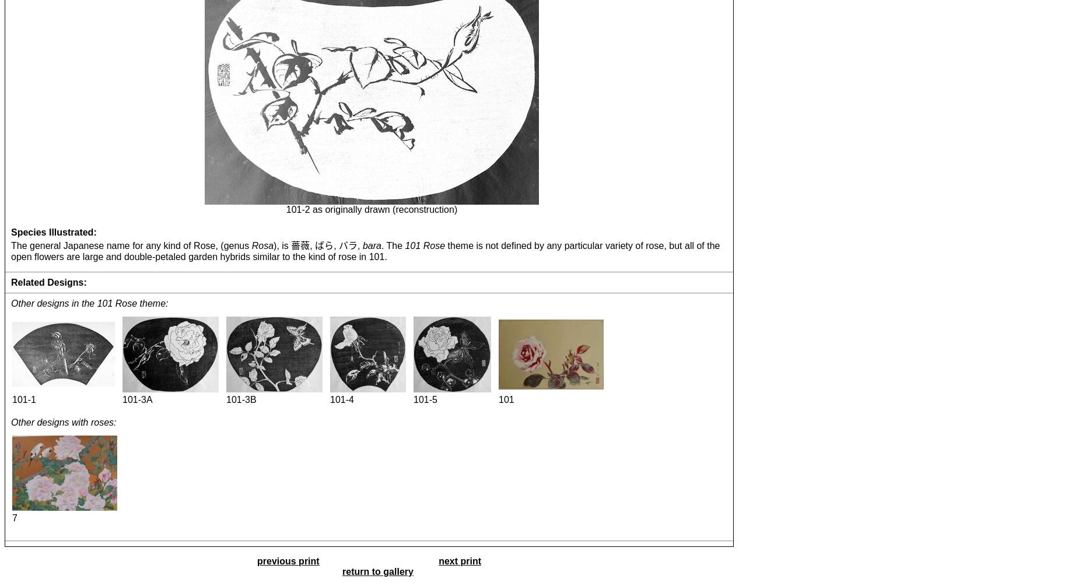  Describe the element at coordinates (13, 517) in the screenshot. I see `'7'` at that location.